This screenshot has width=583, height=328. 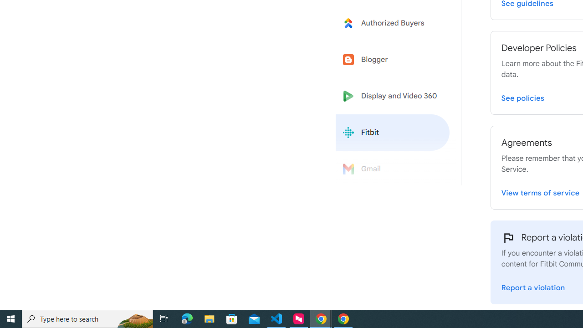 I want to click on 'Display and Video 360', so click(x=393, y=96).